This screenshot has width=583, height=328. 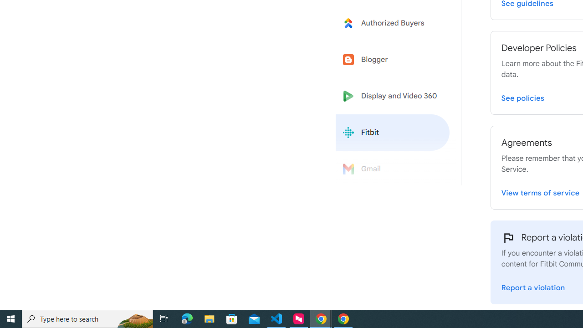 I want to click on 'Display and Video 360', so click(x=393, y=96).